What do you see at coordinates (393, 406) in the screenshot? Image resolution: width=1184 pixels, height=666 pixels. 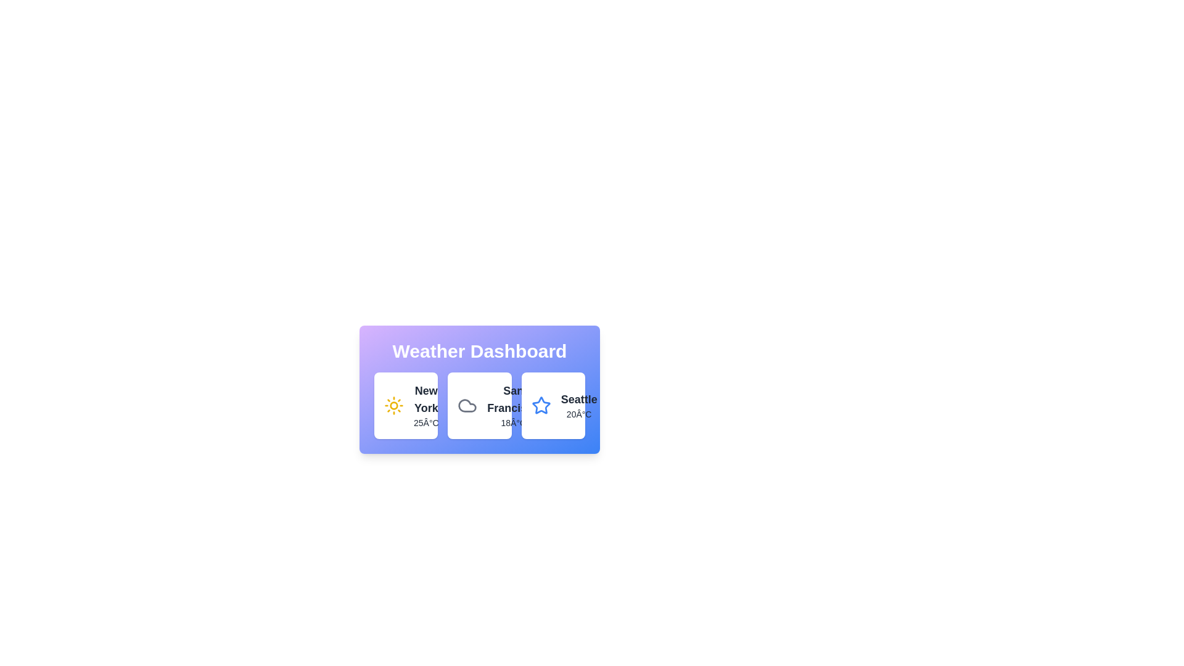 I see `the sun icon depicting weather information on the weather dashboard, which is the leftmost icon in the first card, located to the left of the text 'New York' and '25°C'` at bounding box center [393, 406].